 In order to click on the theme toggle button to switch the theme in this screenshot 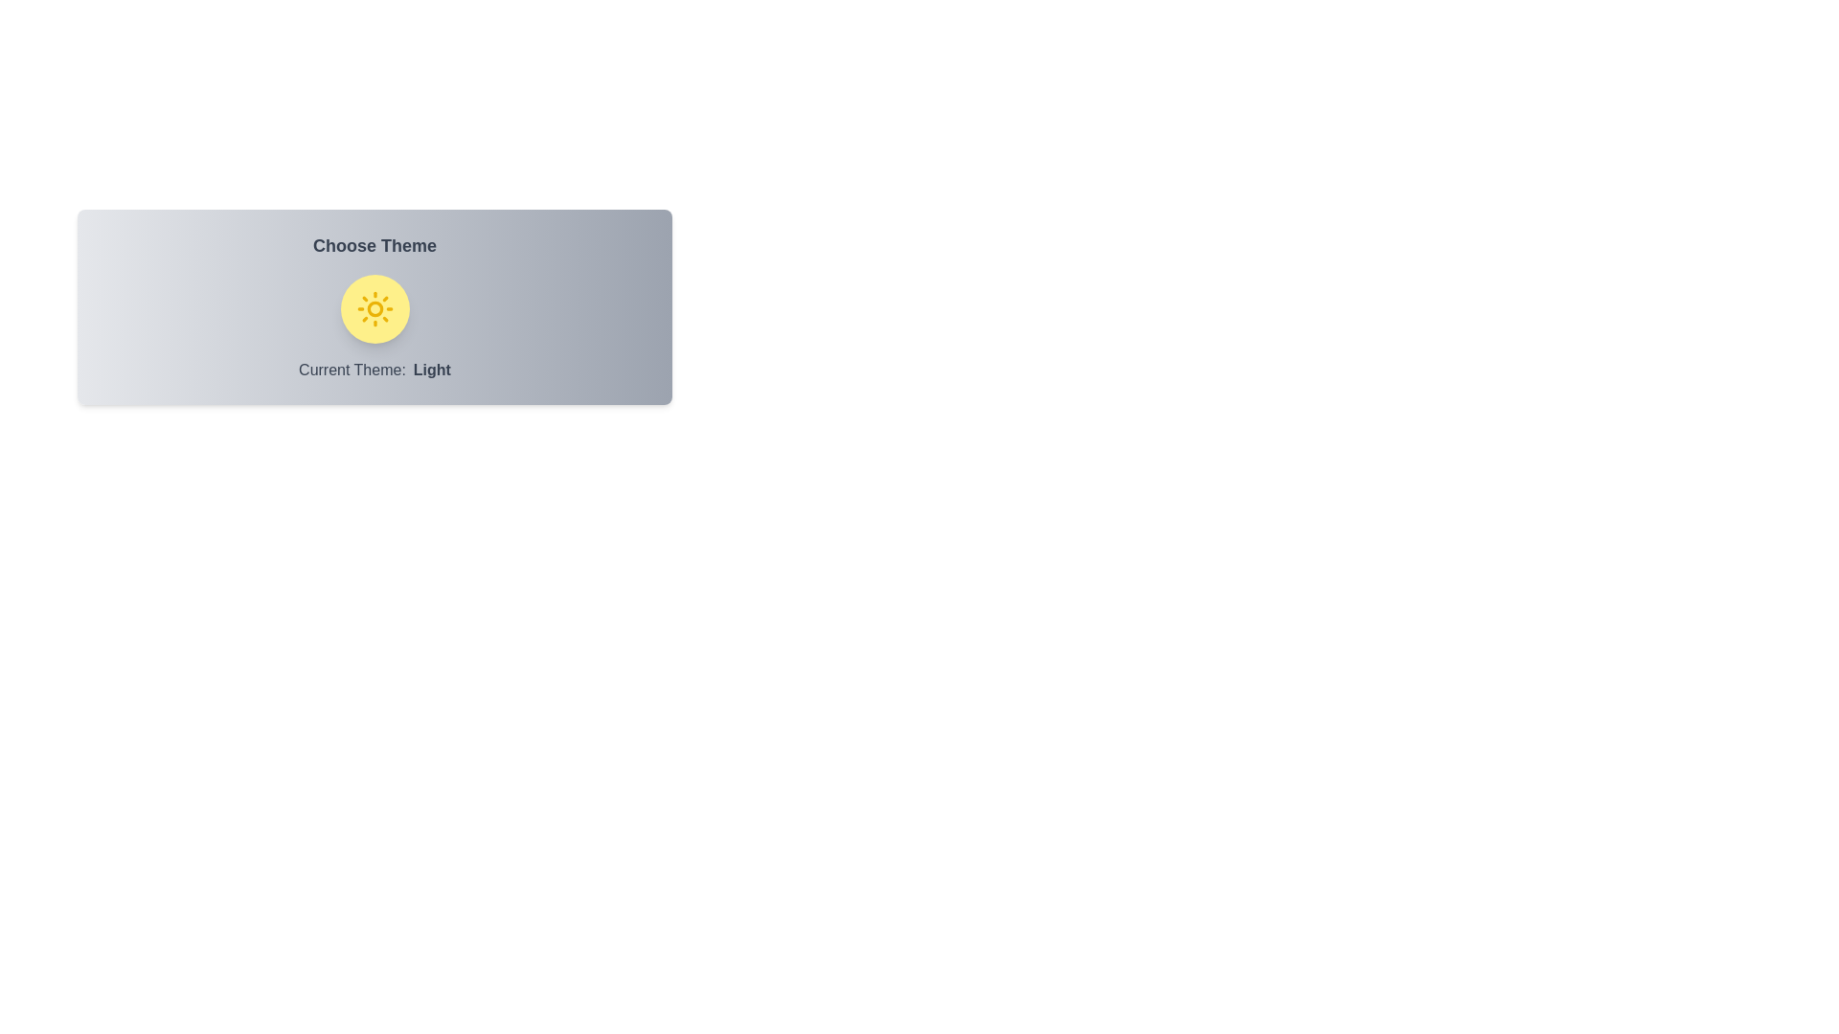, I will do `click(375, 308)`.